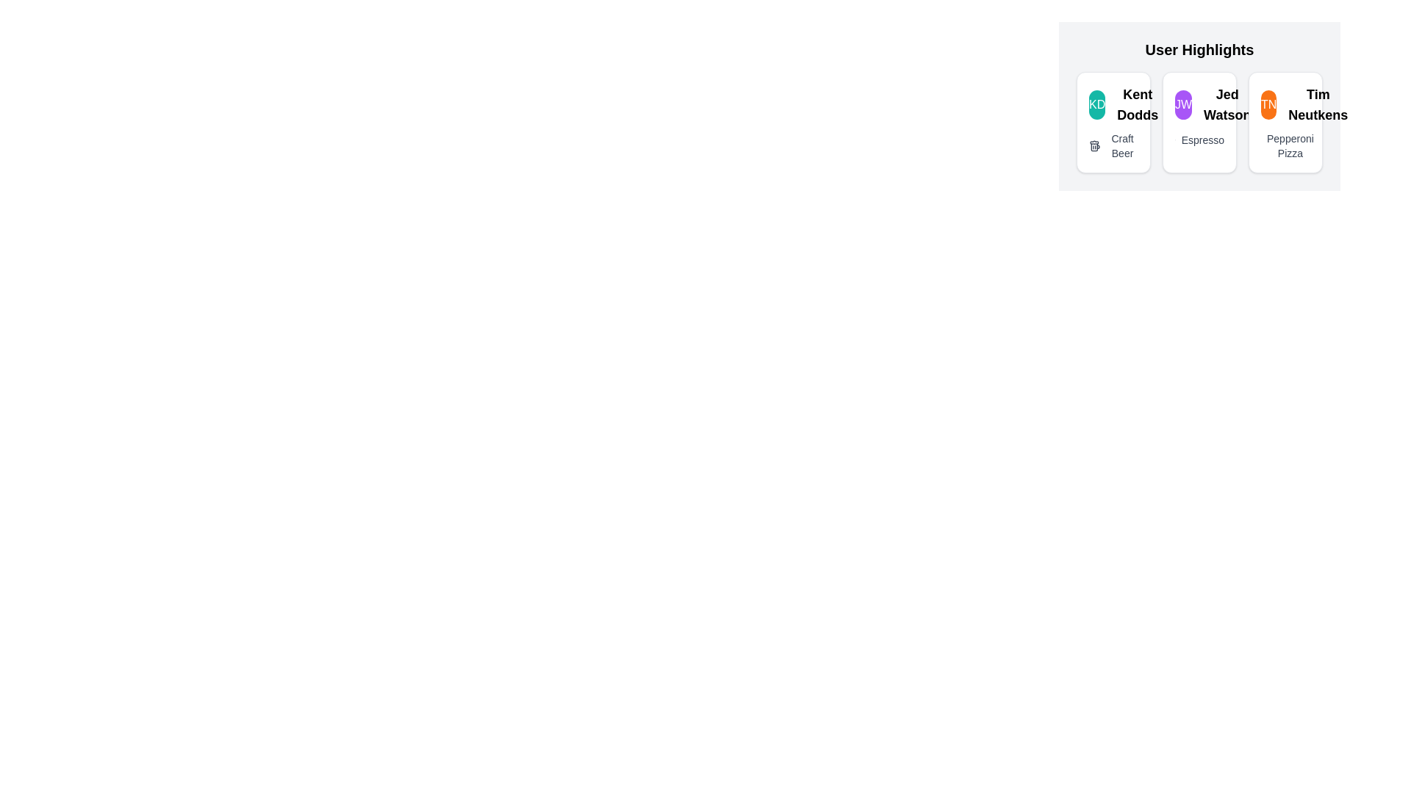 This screenshot has height=793, width=1411. I want to click on the Text component displaying the name 'Kent Dodds', which is positioned to the right of a teal circular avatar marked with 'KD', so click(1137, 104).